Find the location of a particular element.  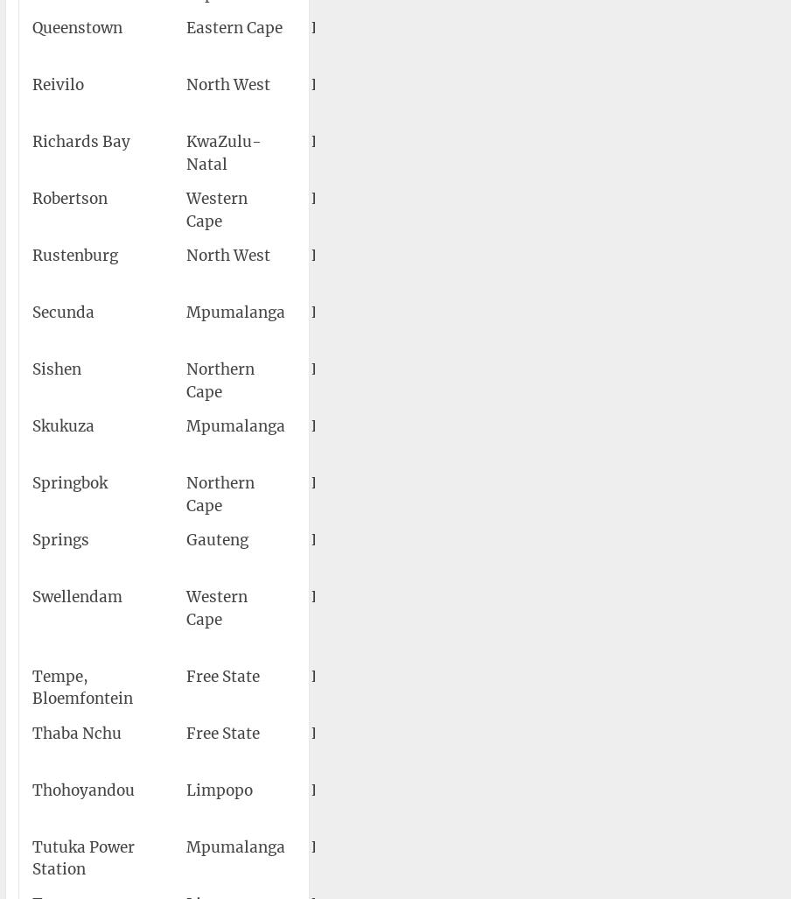

'Skukuza Airport' is located at coordinates (451, 426).